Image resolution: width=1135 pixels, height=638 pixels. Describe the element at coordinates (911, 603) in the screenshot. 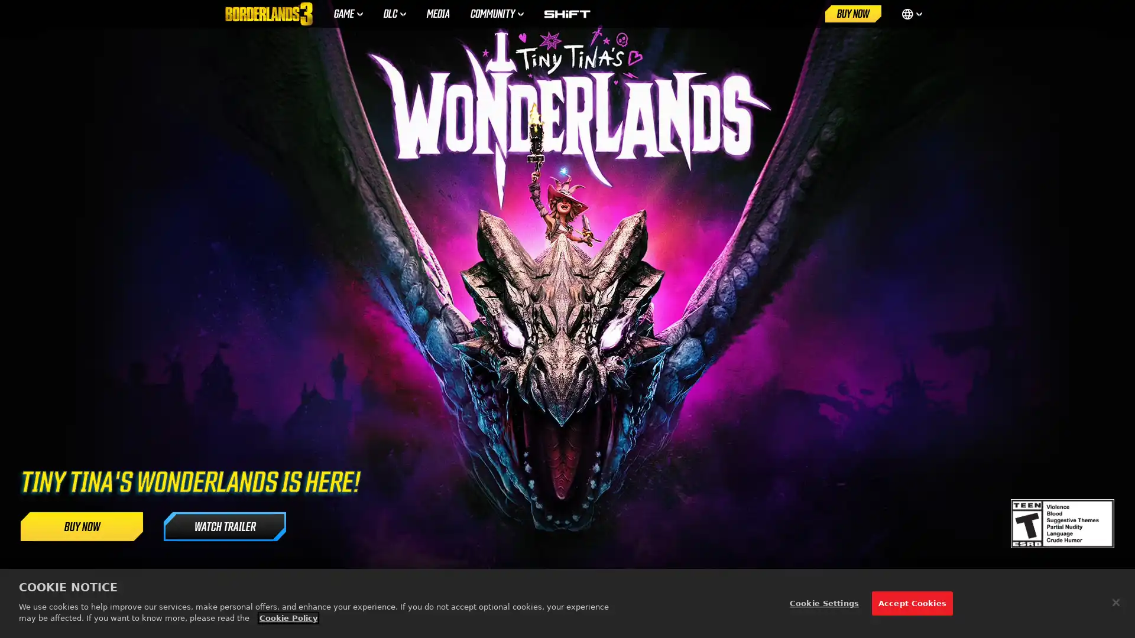

I see `Accept Cookies` at that location.